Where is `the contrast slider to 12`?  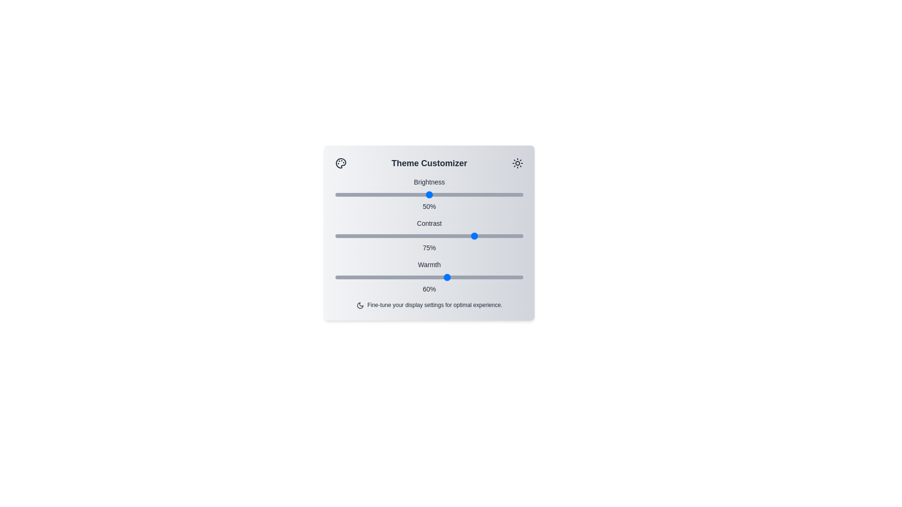
the contrast slider to 12 is located at coordinates (358, 235).